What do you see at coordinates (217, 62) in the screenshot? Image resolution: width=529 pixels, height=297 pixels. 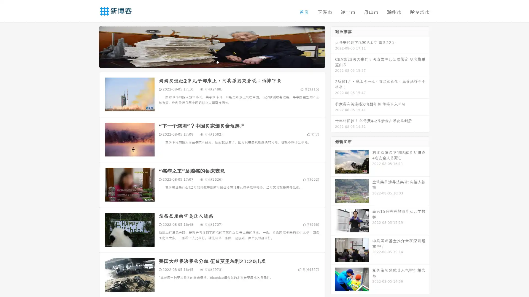 I see `Go to slide 3` at bounding box center [217, 62].